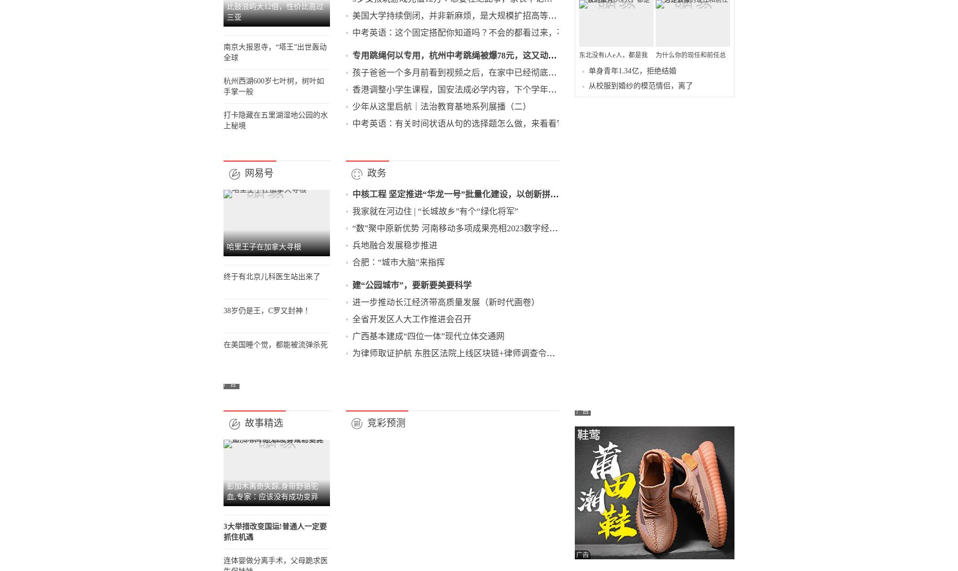 The width and height of the screenshot is (958, 571). Describe the element at coordinates (249, 297) in the screenshot. I see `'杭州西湖600岁七叶树，树叶如手掌一般'` at that location.